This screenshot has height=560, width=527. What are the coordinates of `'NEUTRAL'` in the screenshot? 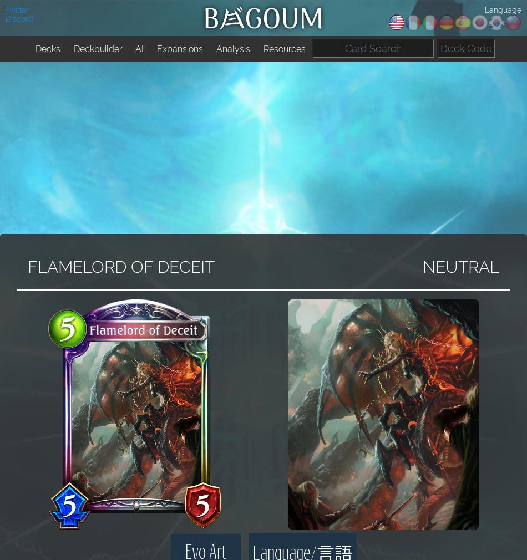 It's located at (460, 266).